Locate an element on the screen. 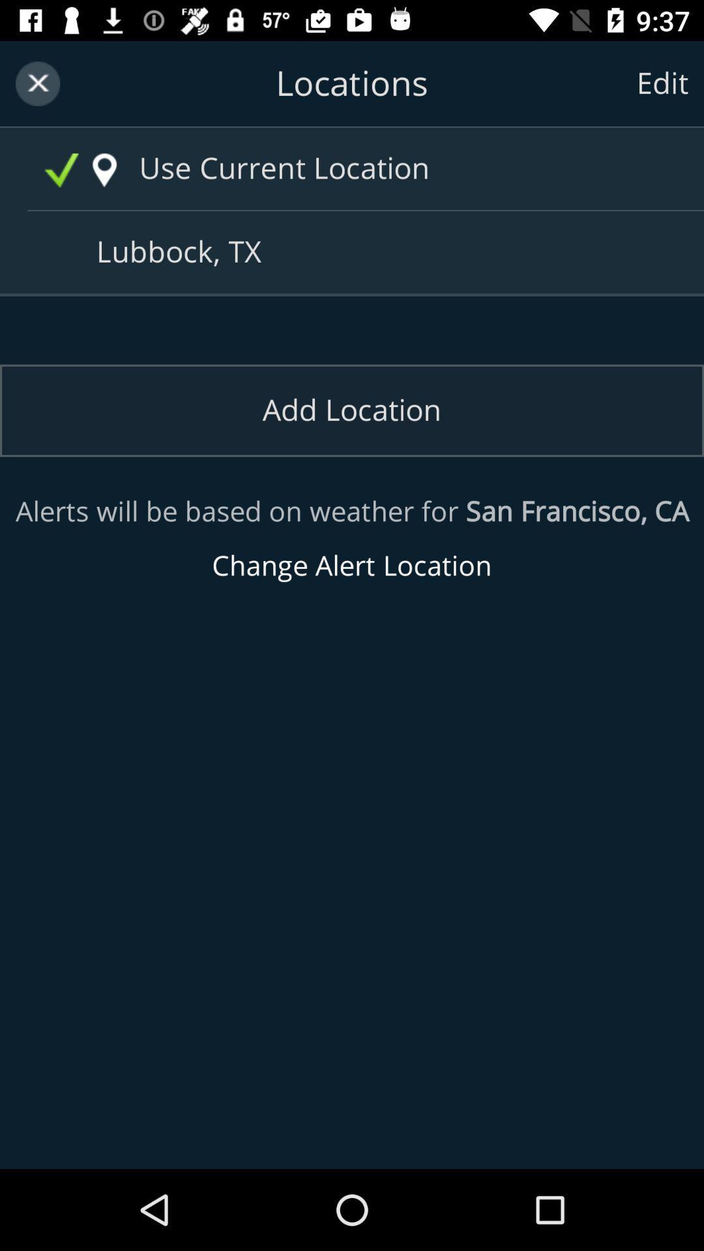 The image size is (704, 1251). the text which says lubbock tx is located at coordinates (357, 252).